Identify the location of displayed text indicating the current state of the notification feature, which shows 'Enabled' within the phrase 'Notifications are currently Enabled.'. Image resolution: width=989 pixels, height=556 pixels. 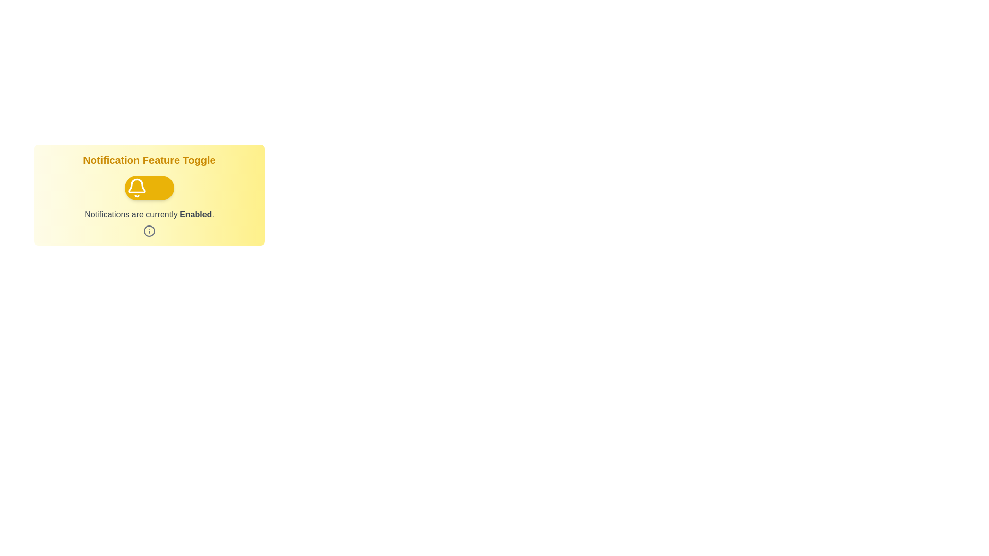
(196, 214).